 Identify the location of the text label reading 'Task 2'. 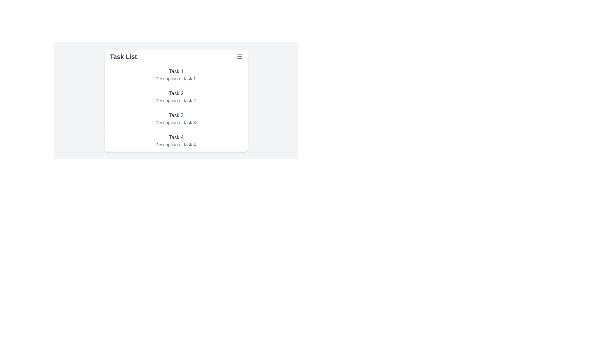
(176, 93).